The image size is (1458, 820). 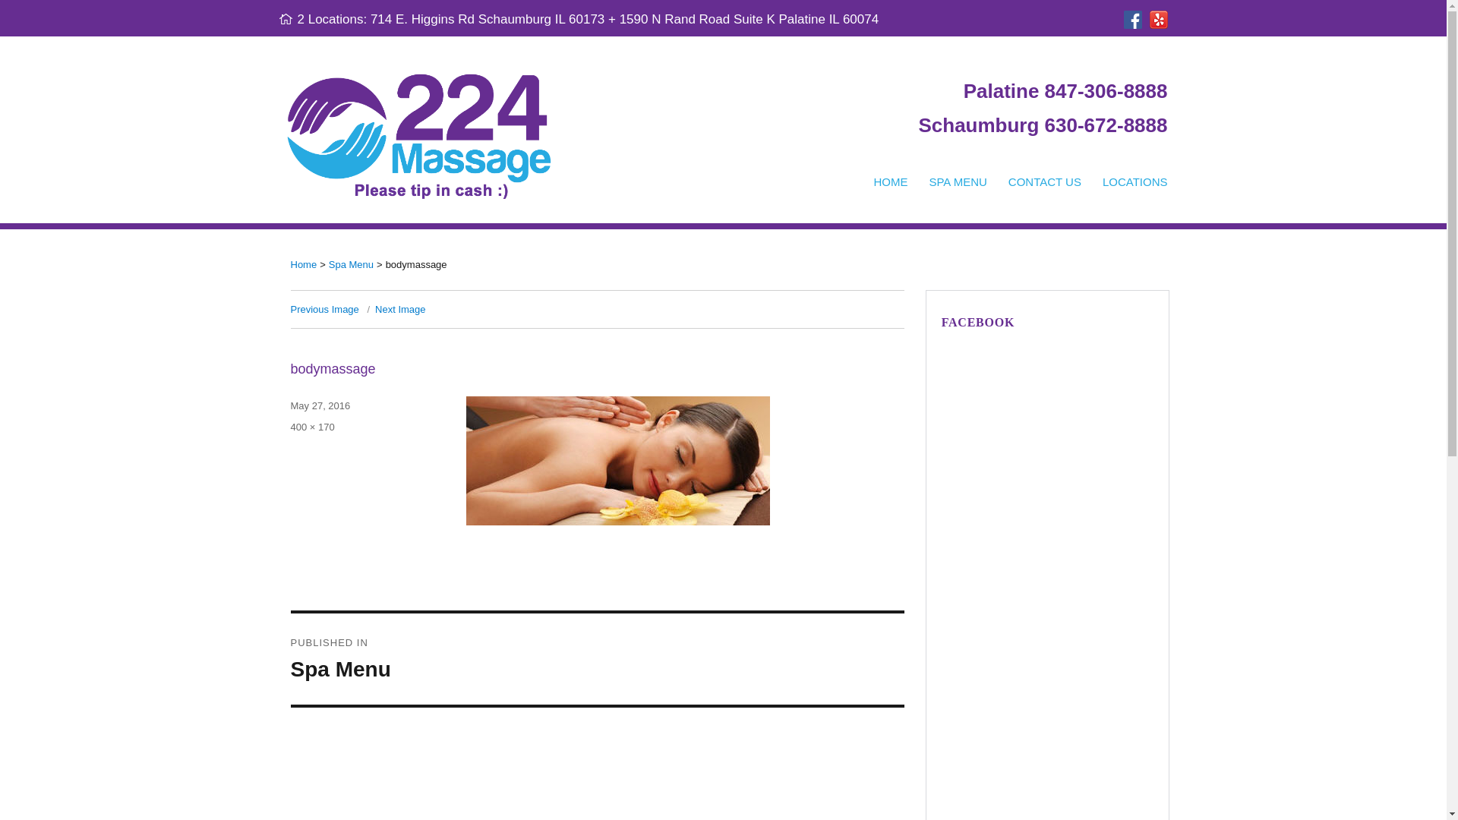 I want to click on 'CONTACT US', so click(x=1044, y=181).